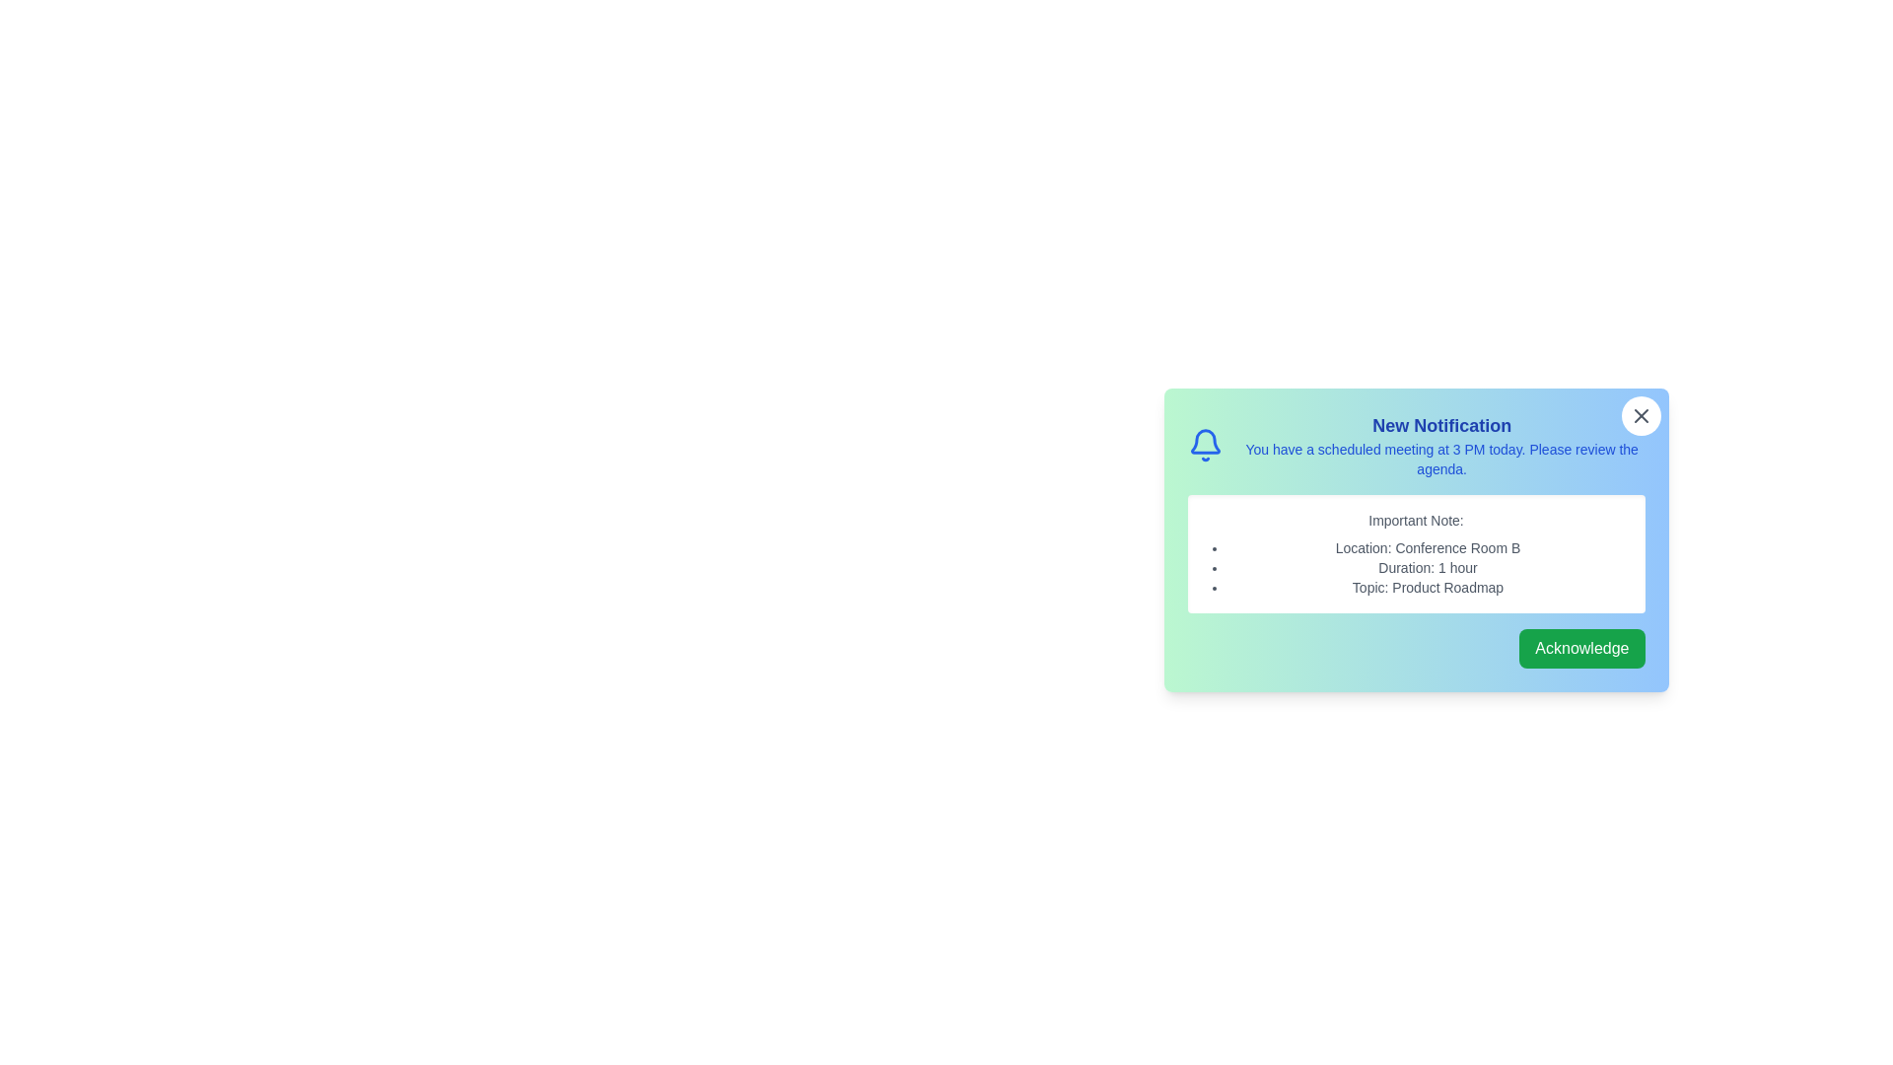 The image size is (1893, 1065). What do you see at coordinates (1204, 445) in the screenshot?
I see `the bell icon to interact with it` at bounding box center [1204, 445].